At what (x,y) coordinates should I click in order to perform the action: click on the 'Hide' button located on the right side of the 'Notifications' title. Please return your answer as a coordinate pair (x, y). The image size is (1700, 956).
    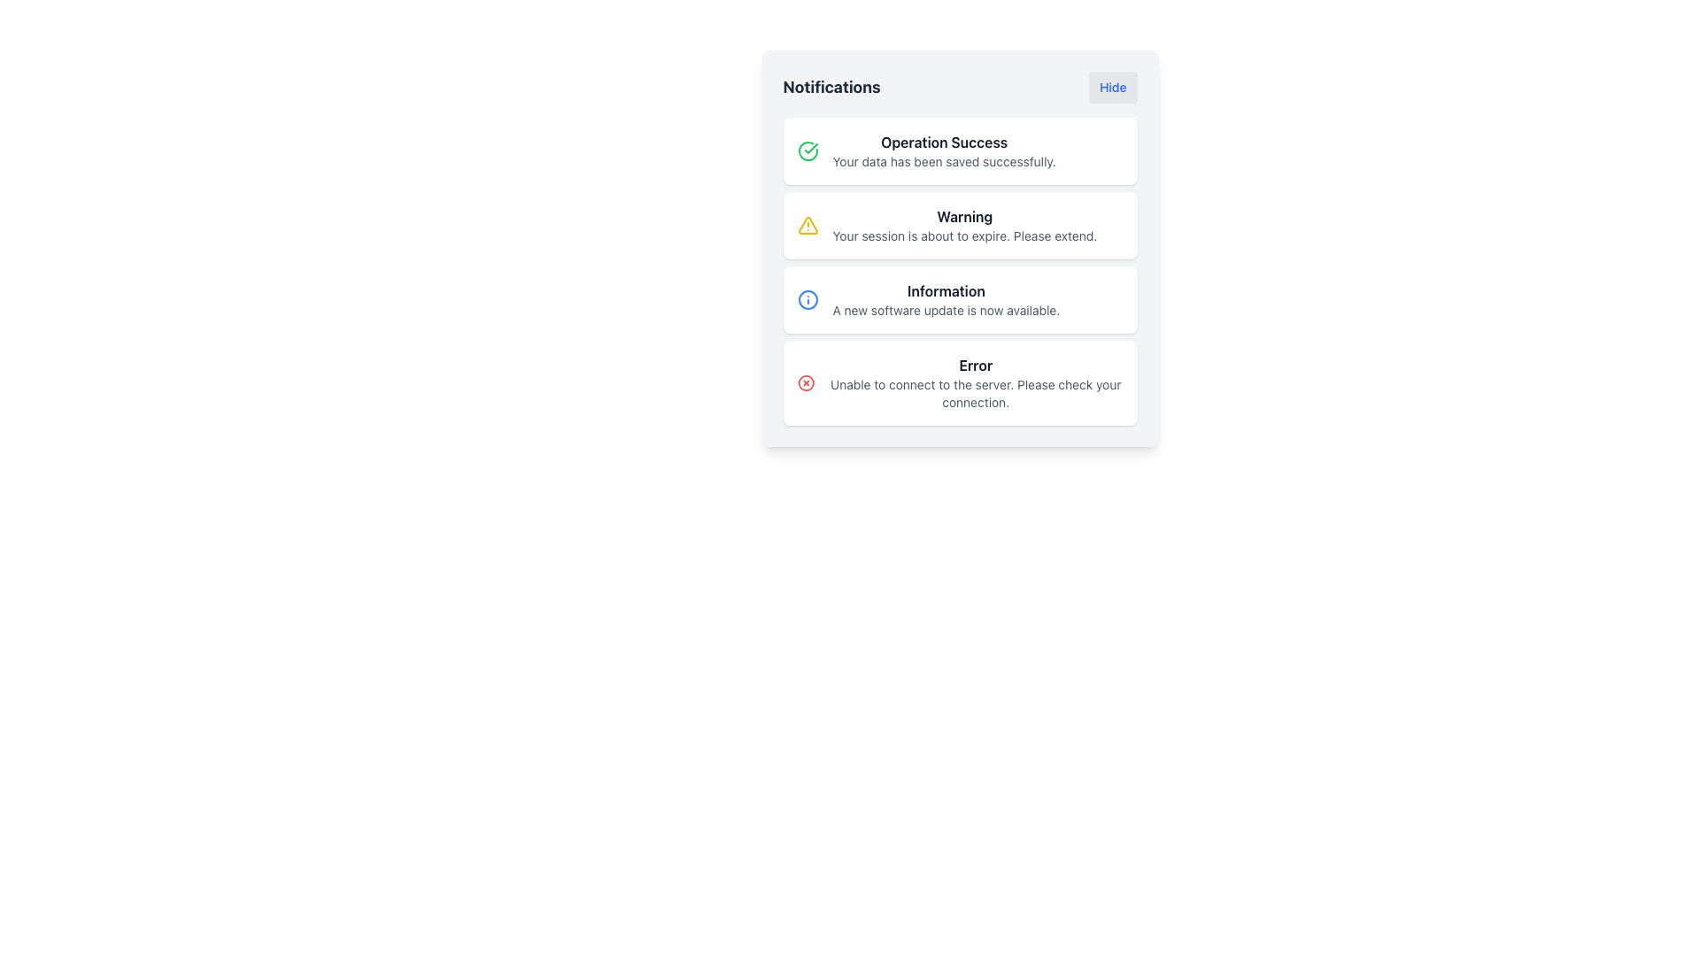
    Looking at the image, I should click on (959, 88).